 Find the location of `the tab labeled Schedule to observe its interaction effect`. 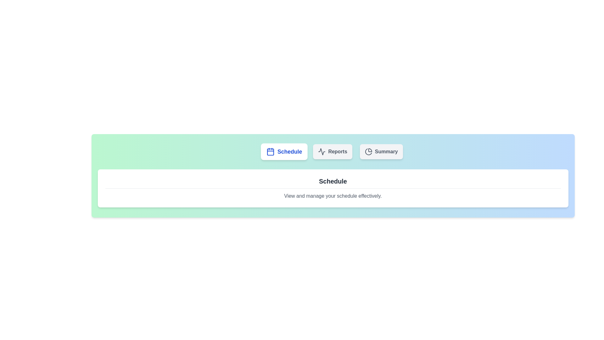

the tab labeled Schedule to observe its interaction effect is located at coordinates (284, 152).